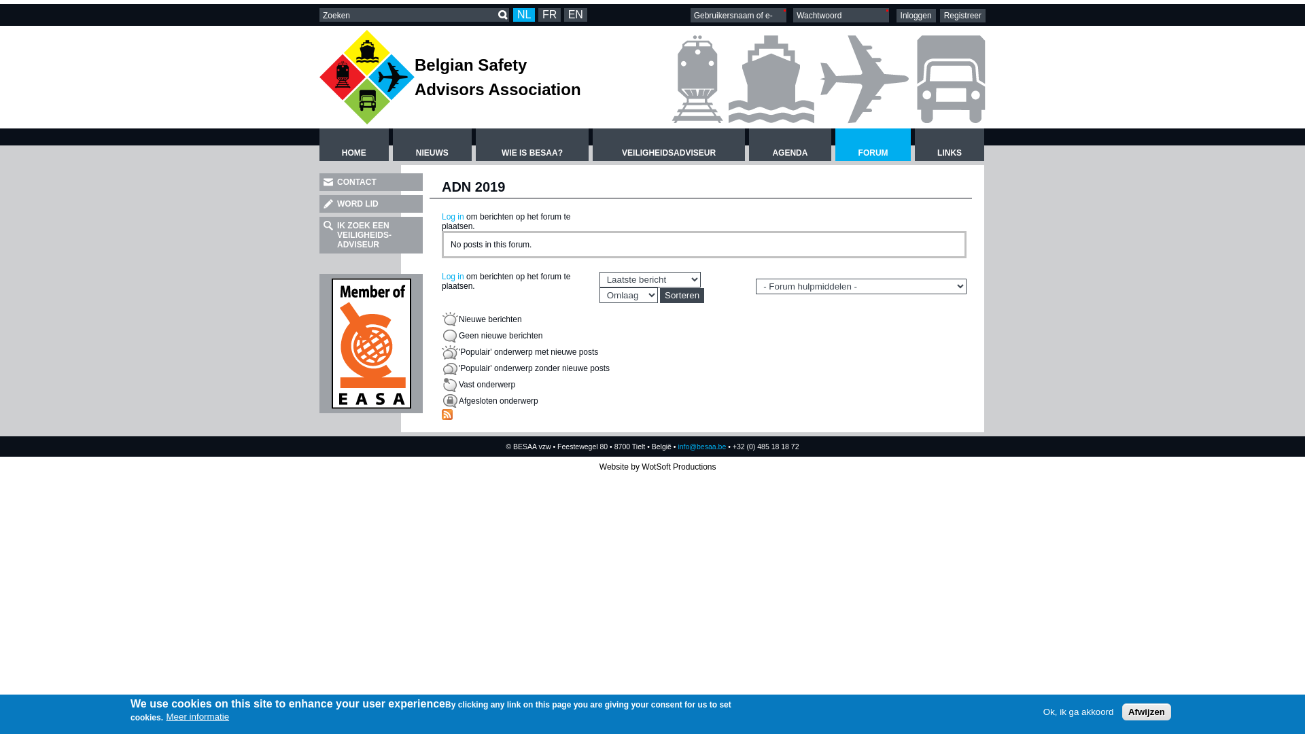 The height and width of the screenshot is (734, 1305). Describe the element at coordinates (495, 15) in the screenshot. I see `'Zoeken'` at that location.